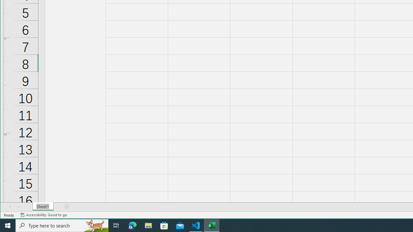 Image resolution: width=413 pixels, height=232 pixels. Describe the element at coordinates (148, 225) in the screenshot. I see `'File Explorer'` at that location.